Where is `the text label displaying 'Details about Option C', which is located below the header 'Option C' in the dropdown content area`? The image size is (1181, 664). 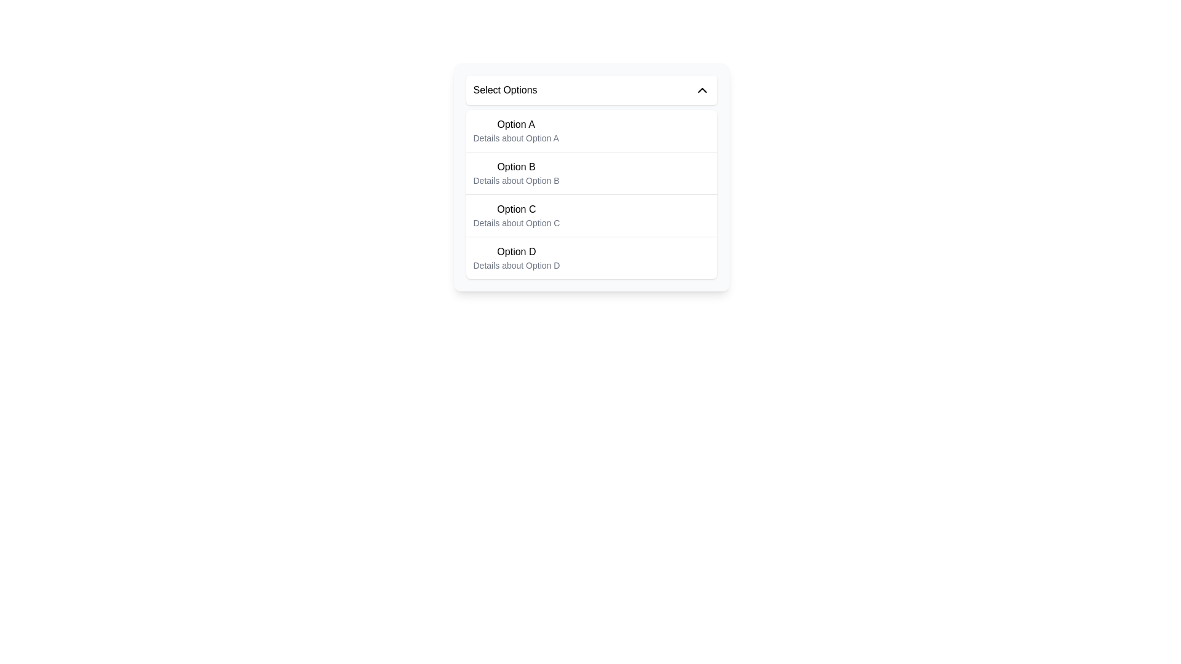
the text label displaying 'Details about Option C', which is located below the header 'Option C' in the dropdown content area is located at coordinates (517, 223).